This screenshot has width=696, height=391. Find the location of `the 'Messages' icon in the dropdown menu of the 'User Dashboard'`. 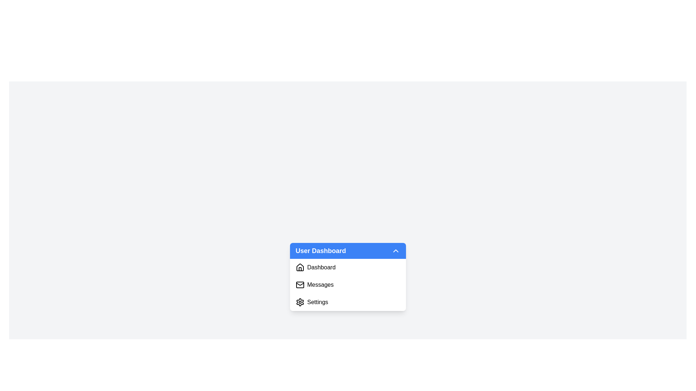

the 'Messages' icon in the dropdown menu of the 'User Dashboard' is located at coordinates (300, 284).